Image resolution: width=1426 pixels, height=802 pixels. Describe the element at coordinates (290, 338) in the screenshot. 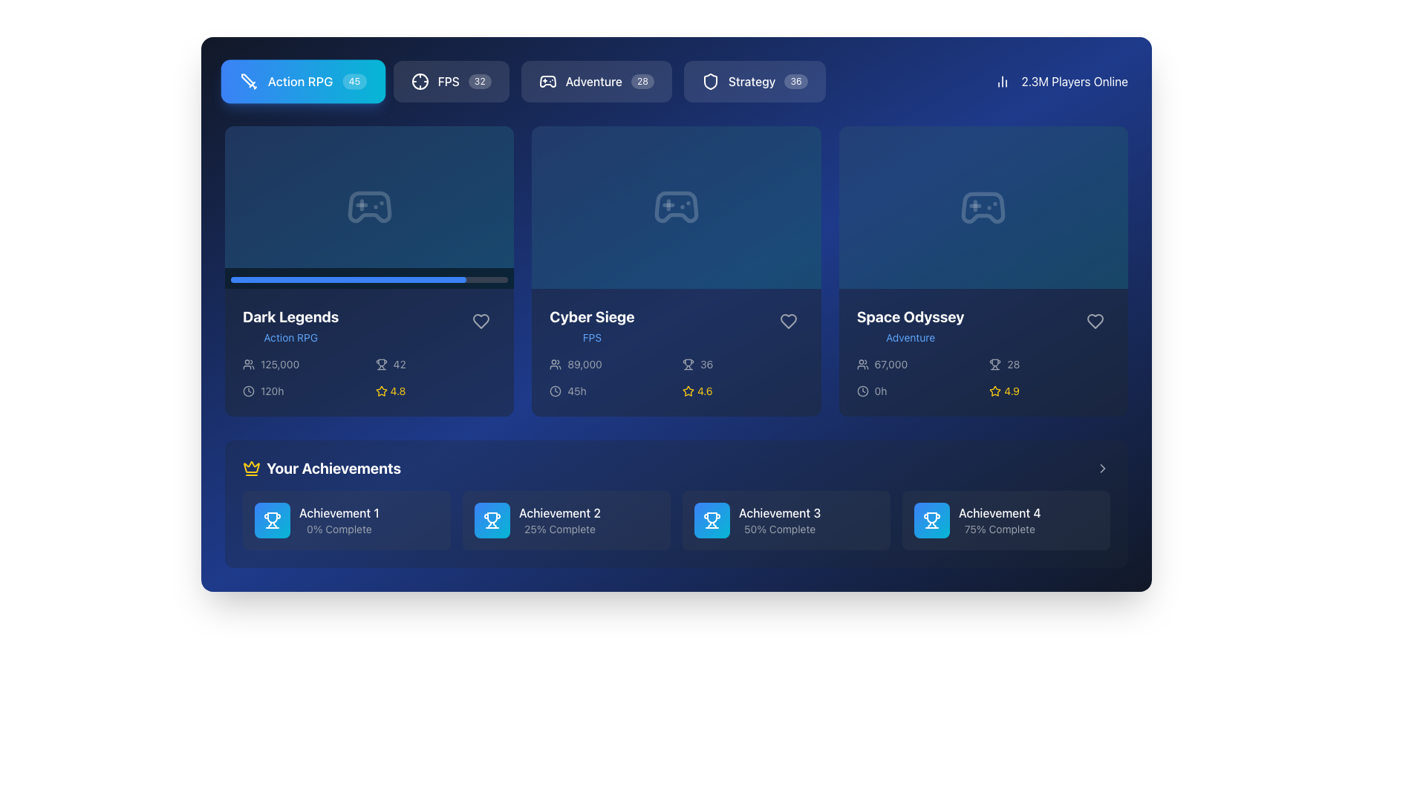

I see `the genre tag text label located directly below the 'Dark Legends' header in the top-left section of the user interface, which provides a concise description of the game's classification` at that location.